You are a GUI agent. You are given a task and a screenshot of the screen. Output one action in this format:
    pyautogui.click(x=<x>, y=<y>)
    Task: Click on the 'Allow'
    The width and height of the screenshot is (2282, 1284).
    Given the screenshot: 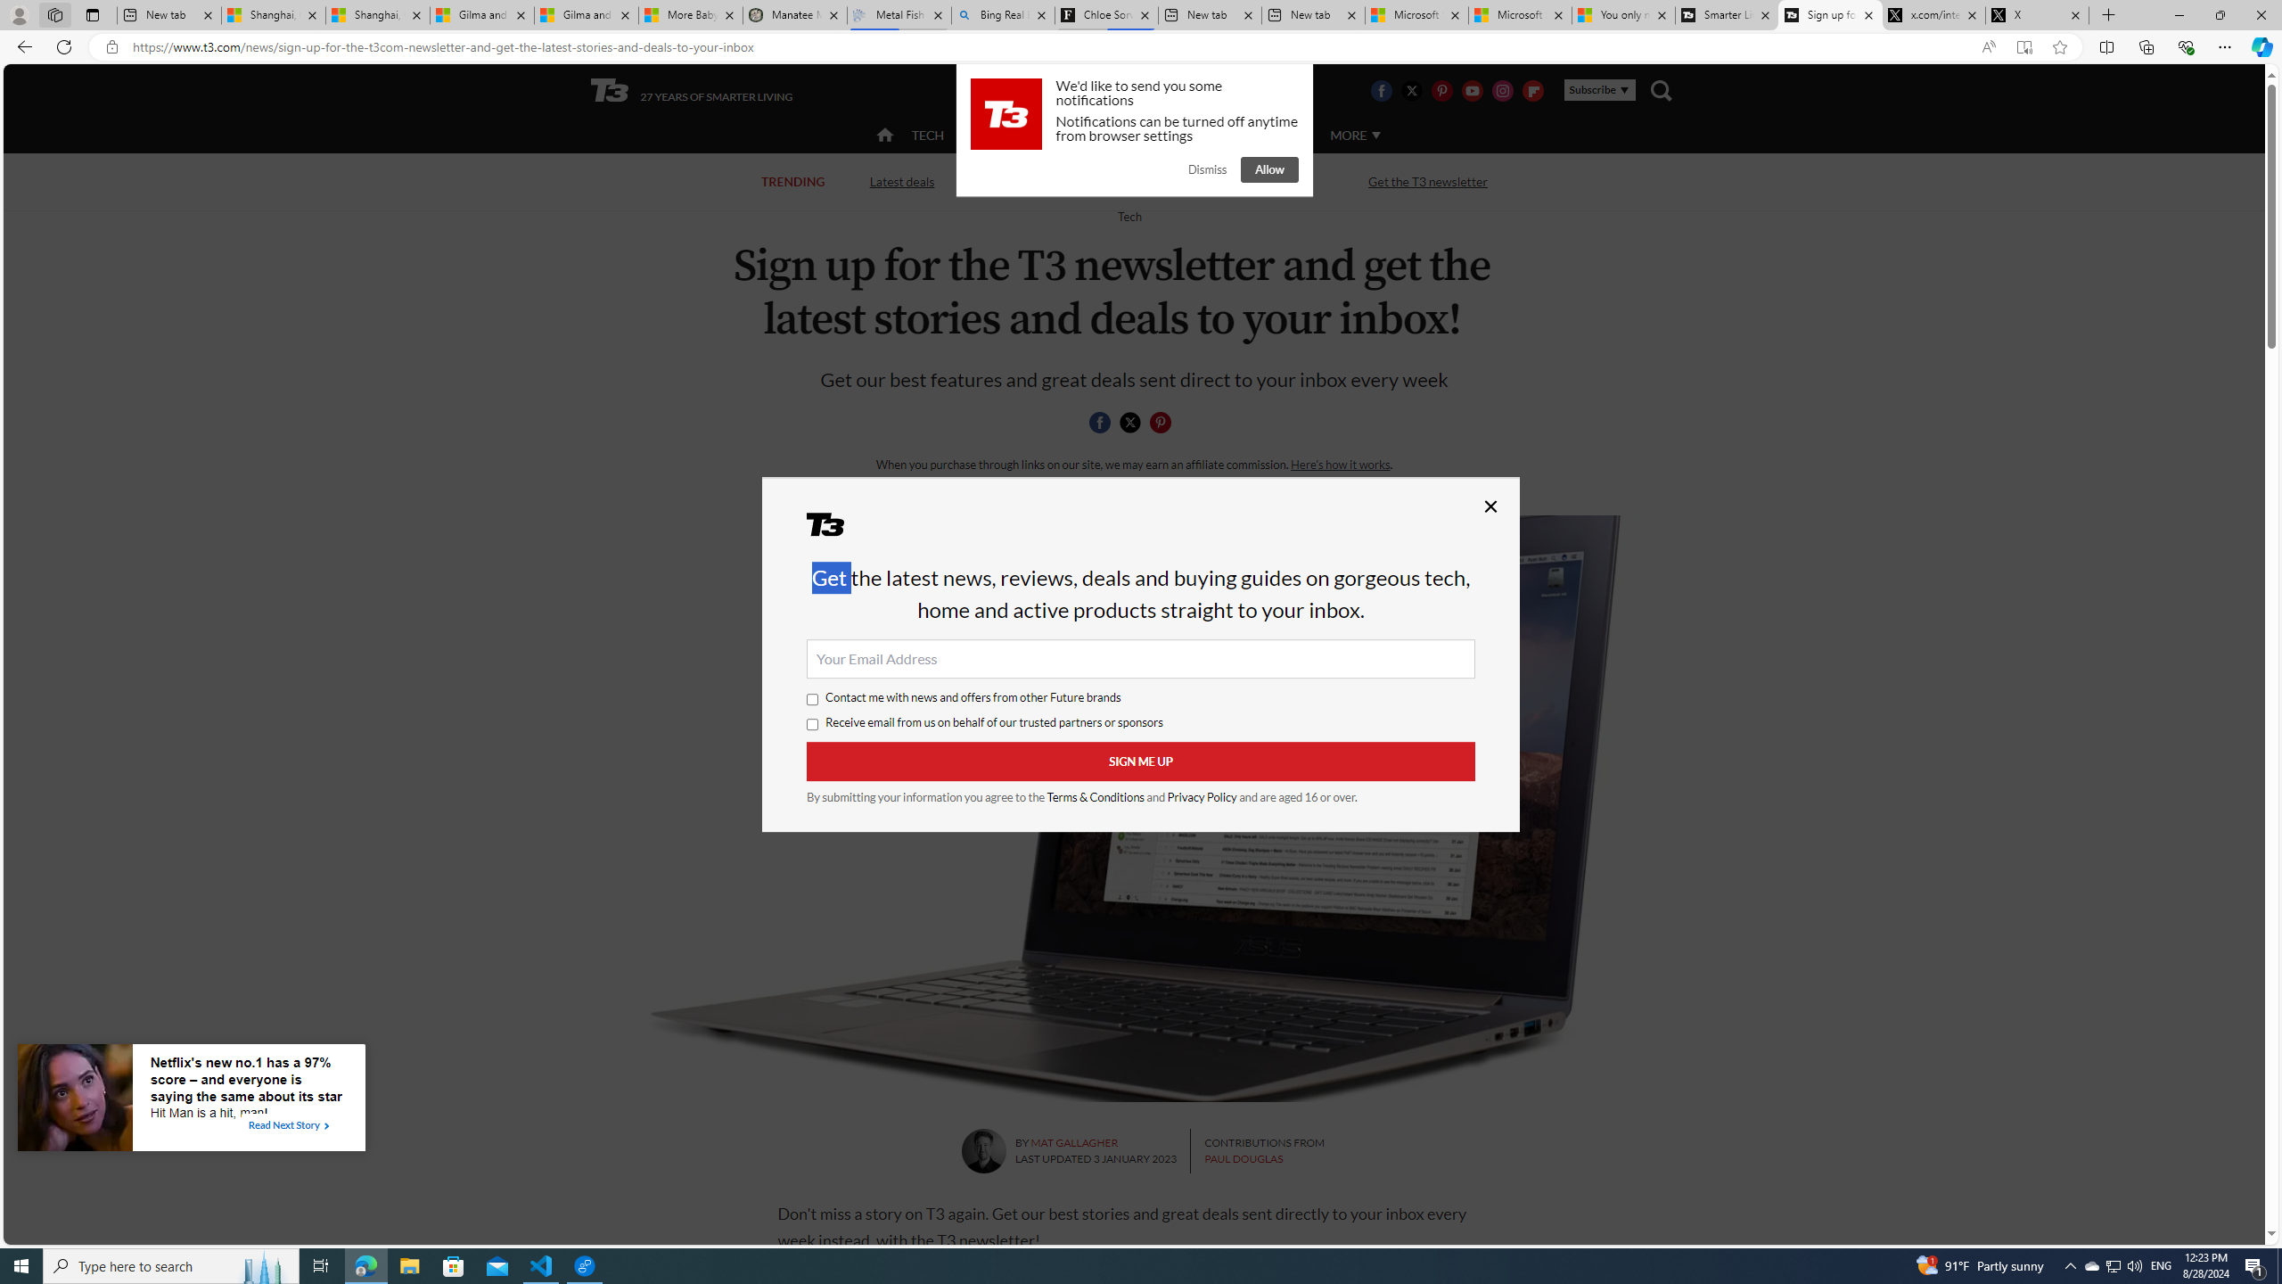 What is the action you would take?
    pyautogui.click(x=1268, y=169)
    